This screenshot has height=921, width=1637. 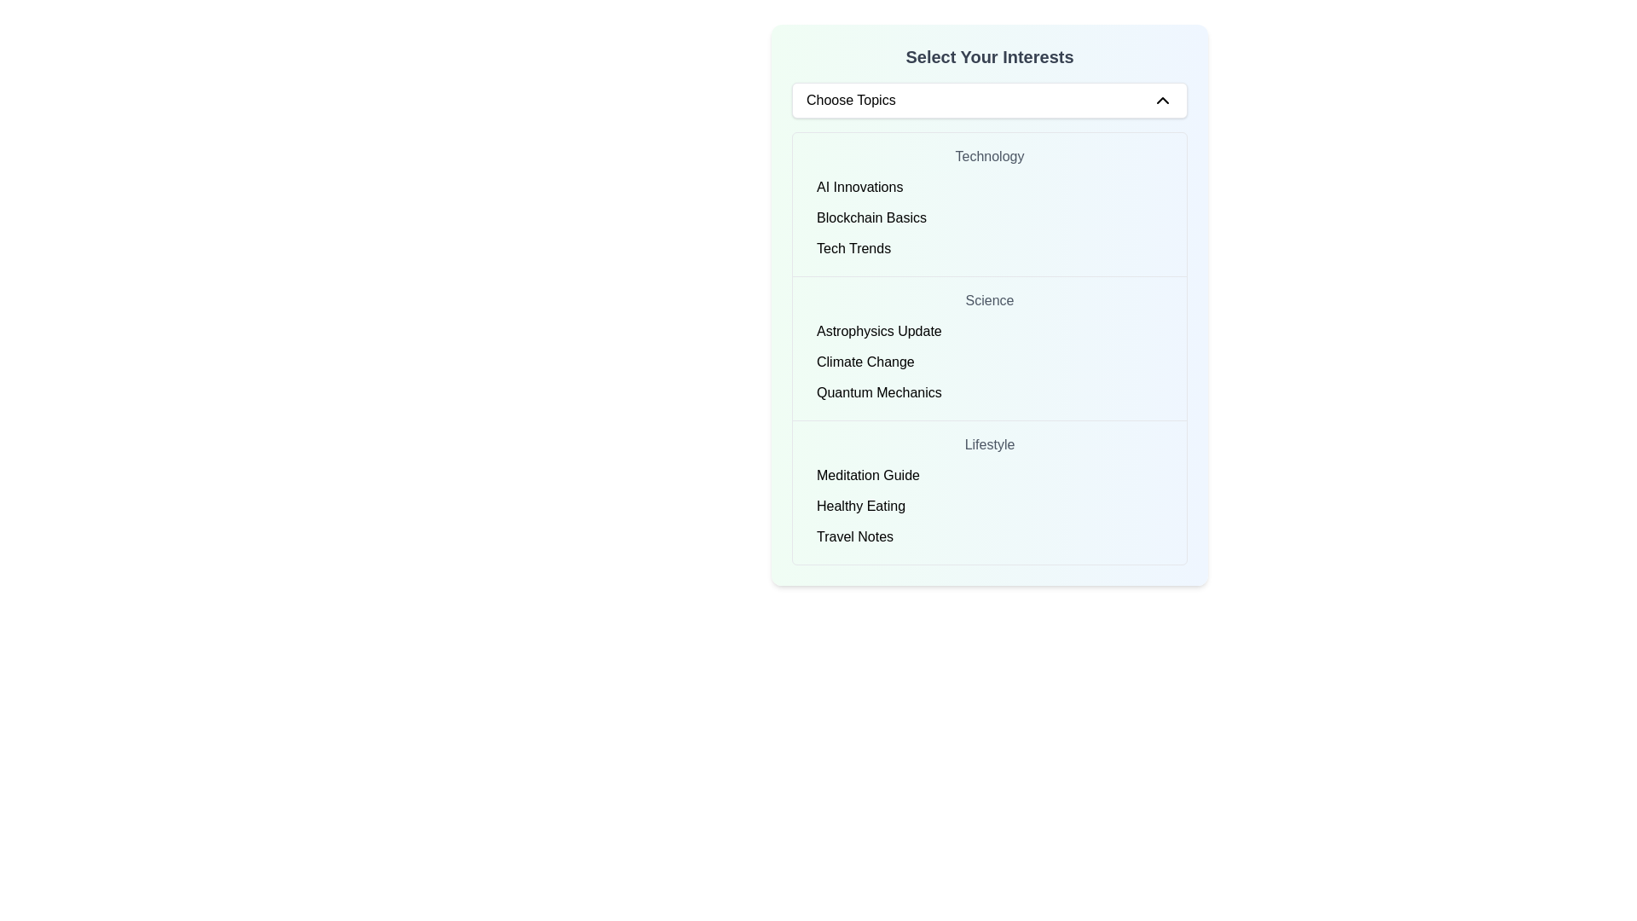 I want to click on the clickable option labeled 'Meditation Guide' in the Lifestyle section, so click(x=990, y=476).